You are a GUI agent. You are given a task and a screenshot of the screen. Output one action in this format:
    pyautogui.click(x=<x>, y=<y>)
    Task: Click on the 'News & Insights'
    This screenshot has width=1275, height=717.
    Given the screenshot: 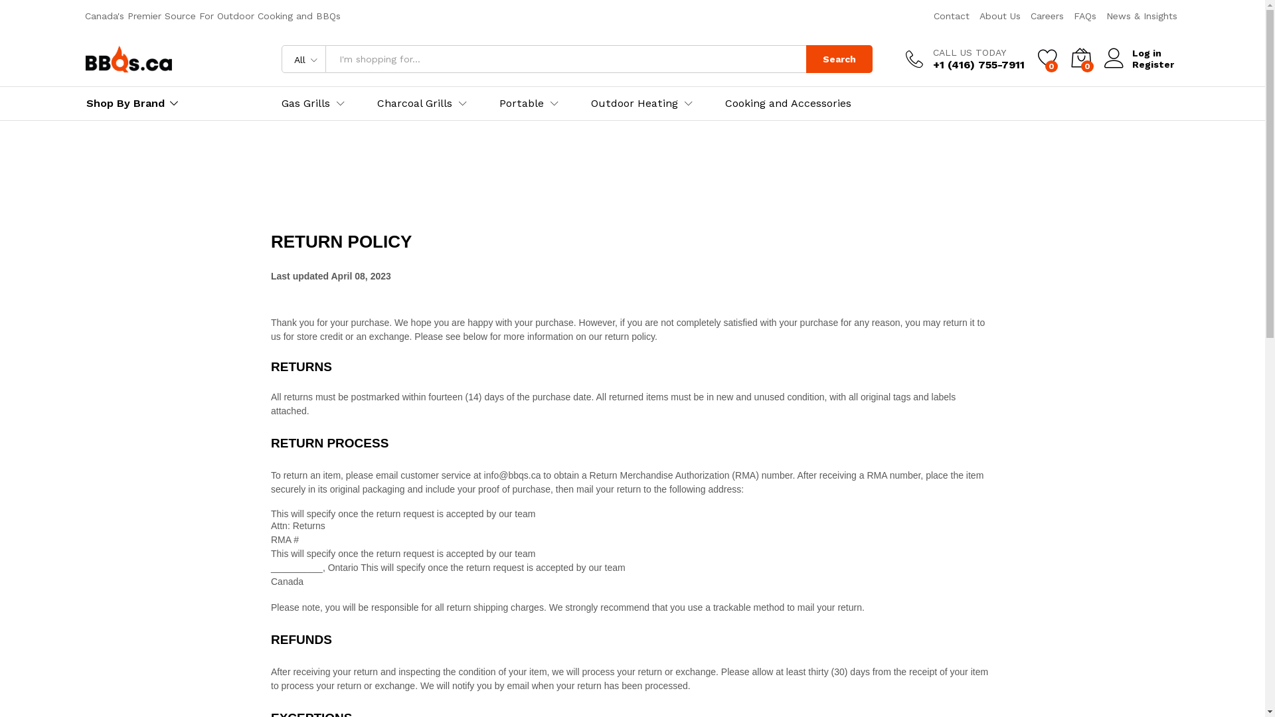 What is the action you would take?
    pyautogui.click(x=1141, y=15)
    